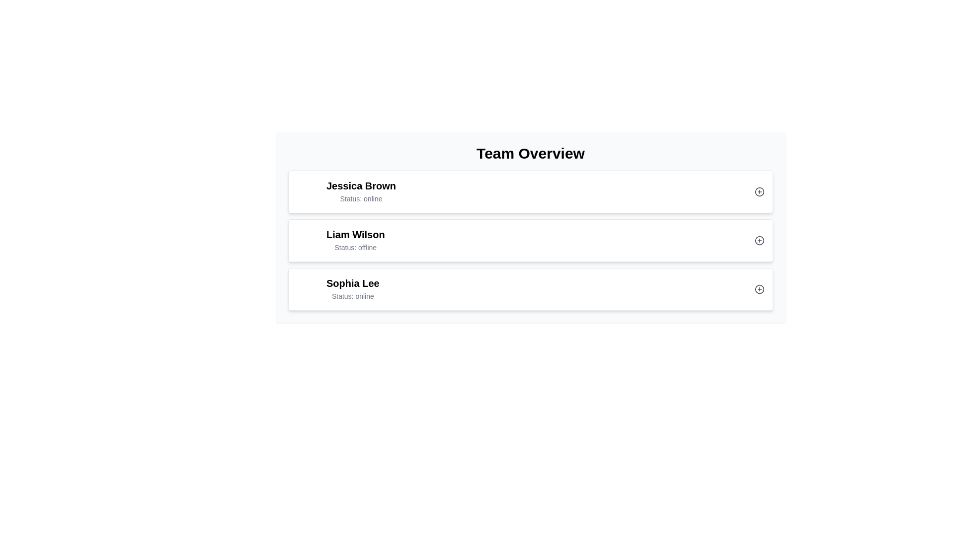 This screenshot has width=954, height=537. I want to click on the circular badge displaying the initials 'LW', so click(308, 240).